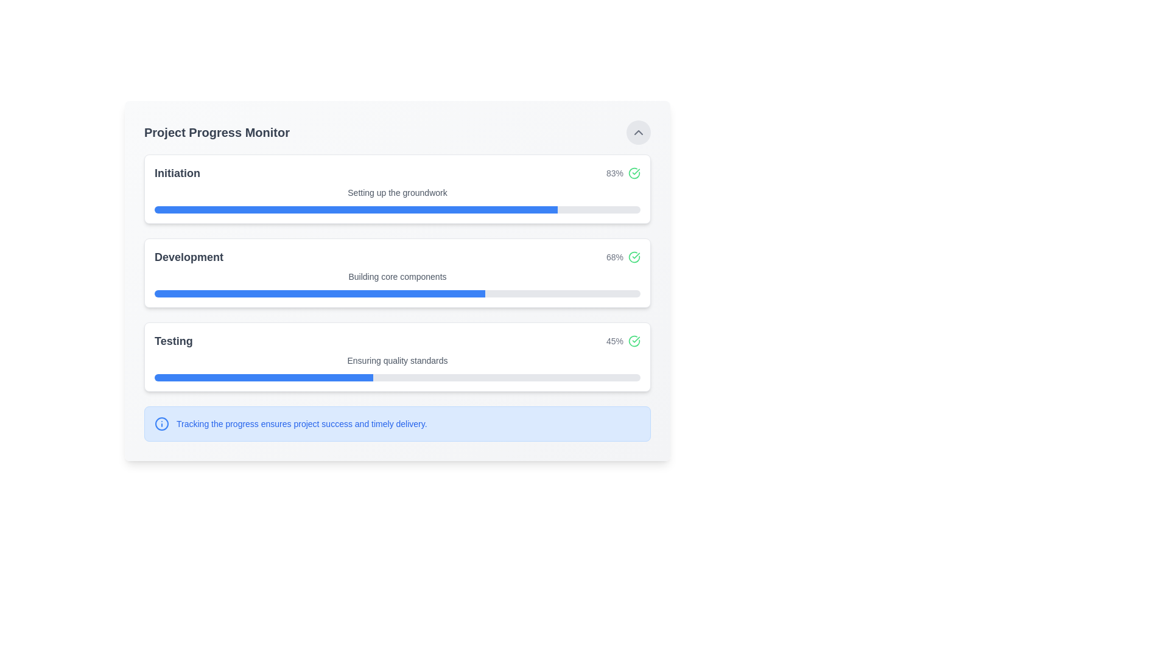 The height and width of the screenshot is (657, 1169). Describe the element at coordinates (397, 173) in the screenshot. I see `the informational display group labeled 'Initiation'` at that location.